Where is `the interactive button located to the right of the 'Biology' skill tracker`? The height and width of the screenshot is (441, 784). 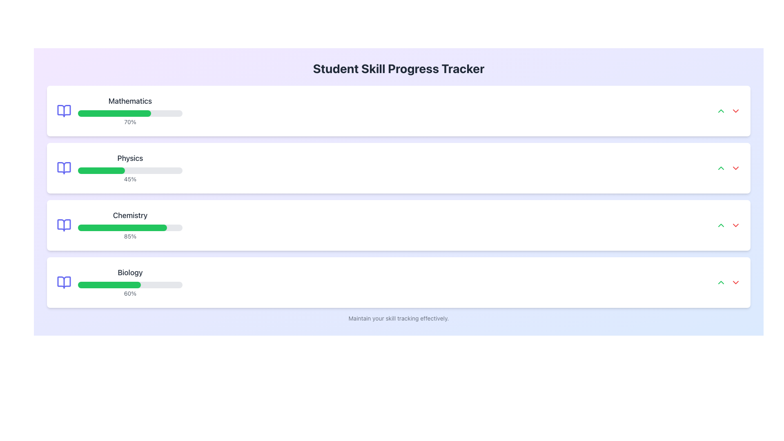 the interactive button located to the right of the 'Biology' skill tracker is located at coordinates (721, 282).